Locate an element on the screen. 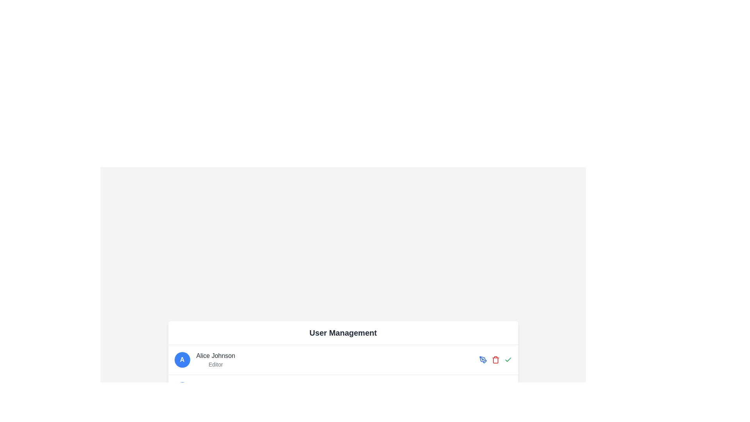 The width and height of the screenshot is (750, 422). the interactive confirmation icon located in the lower-right corner of the layout is located at coordinates (508, 360).